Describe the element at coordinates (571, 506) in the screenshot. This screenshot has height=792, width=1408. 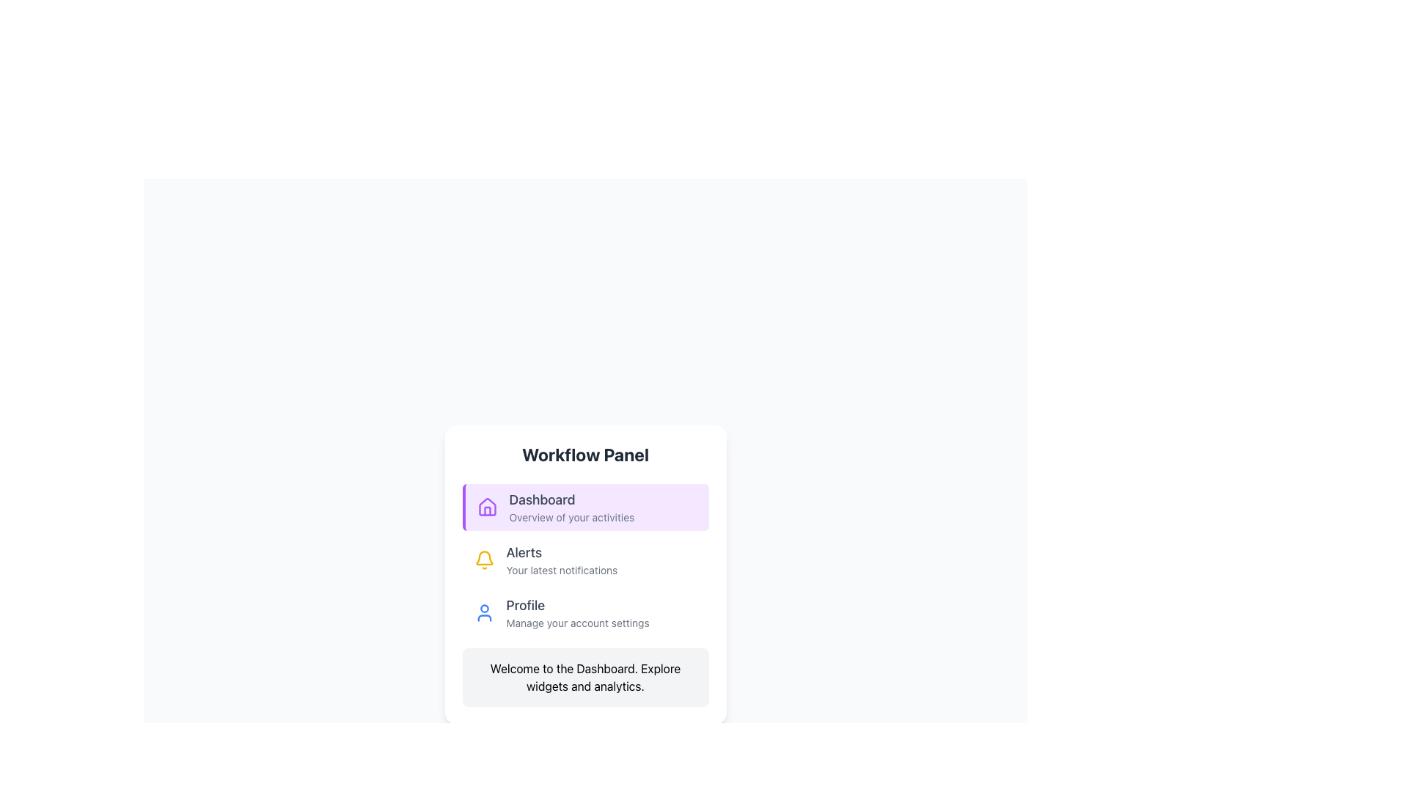
I see `the 'Dashboard' text label, which is part of the Workflow Panel and indicates an overview of activities` at that location.